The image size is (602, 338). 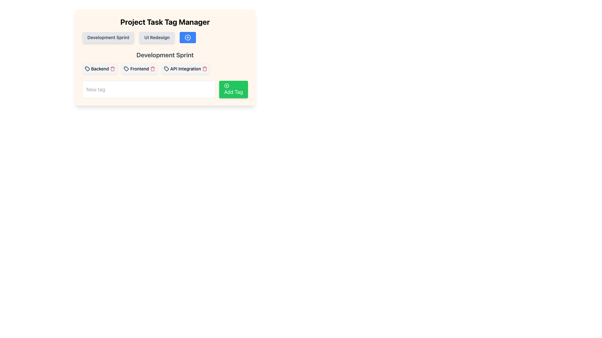 I want to click on the tag icon located below the 'Development Sprint' header and to the left of the 'Frontend' text in the task management interface, so click(x=126, y=69).